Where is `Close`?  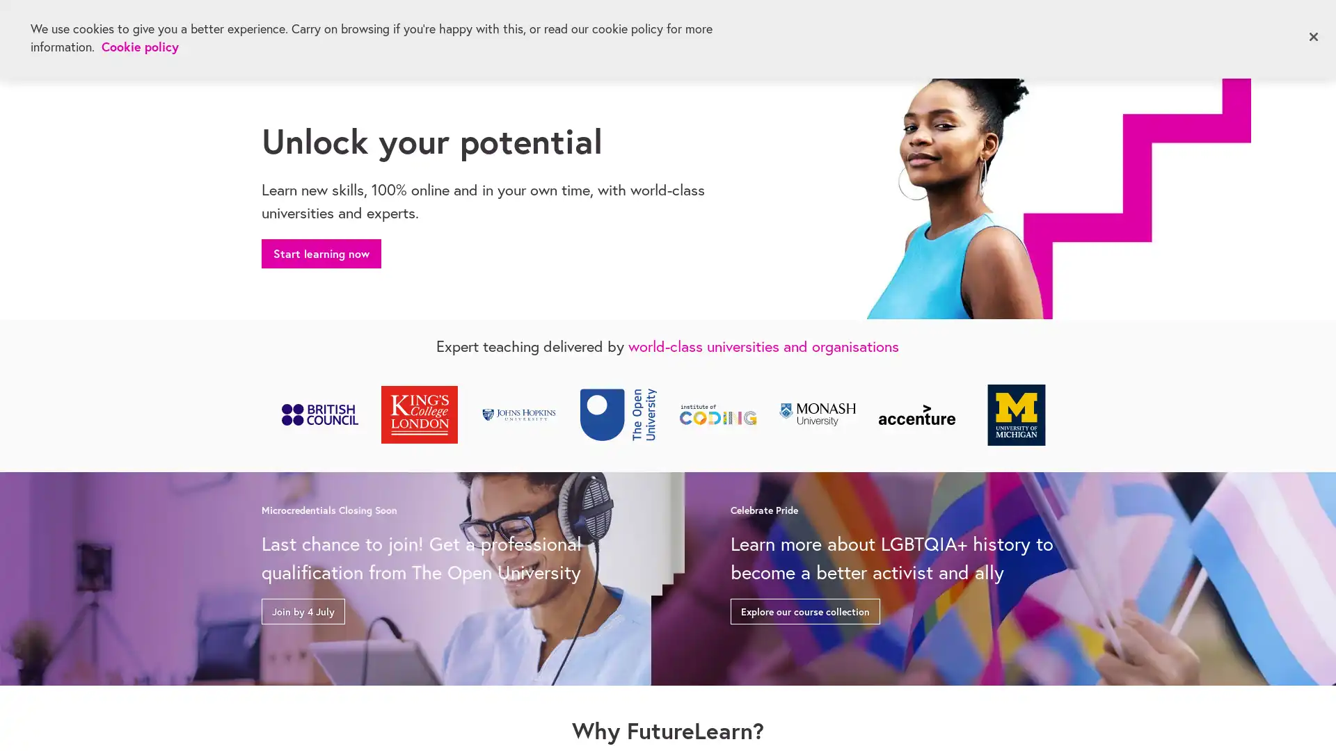
Close is located at coordinates (1312, 36).